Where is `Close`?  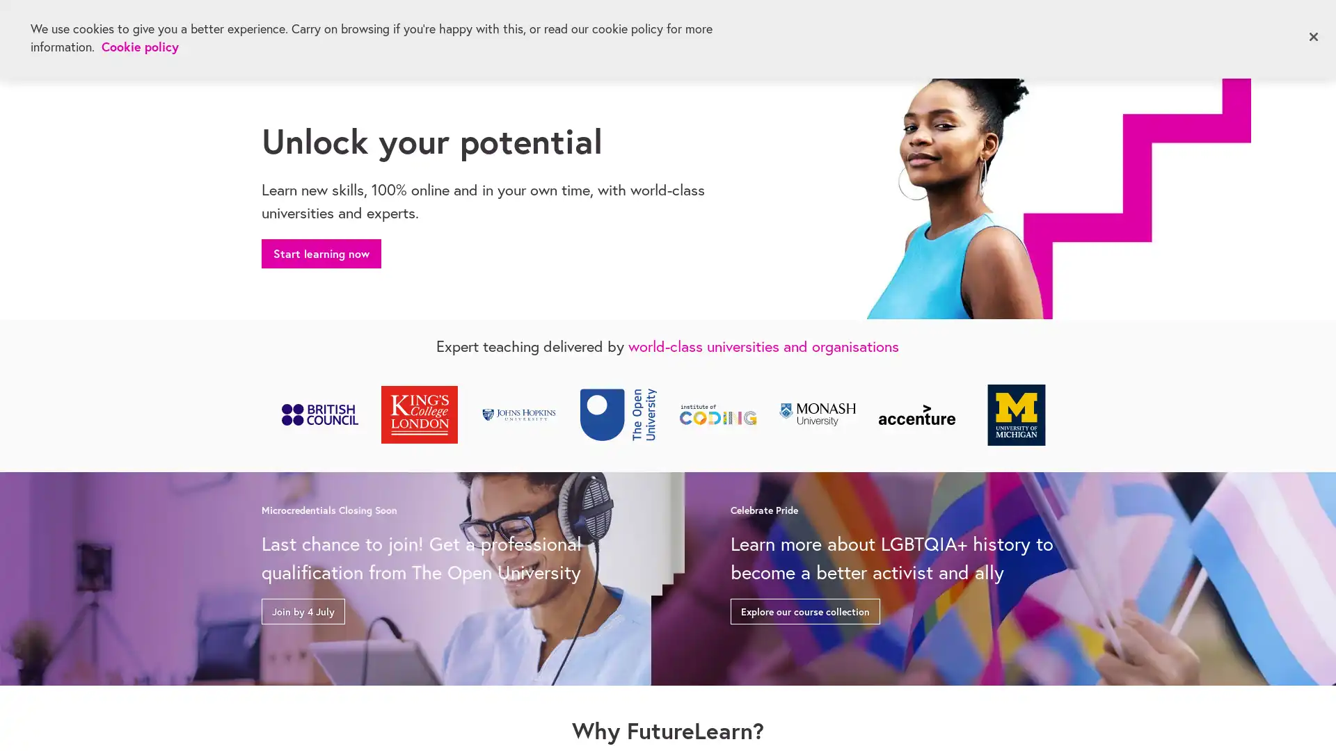
Close is located at coordinates (1312, 36).